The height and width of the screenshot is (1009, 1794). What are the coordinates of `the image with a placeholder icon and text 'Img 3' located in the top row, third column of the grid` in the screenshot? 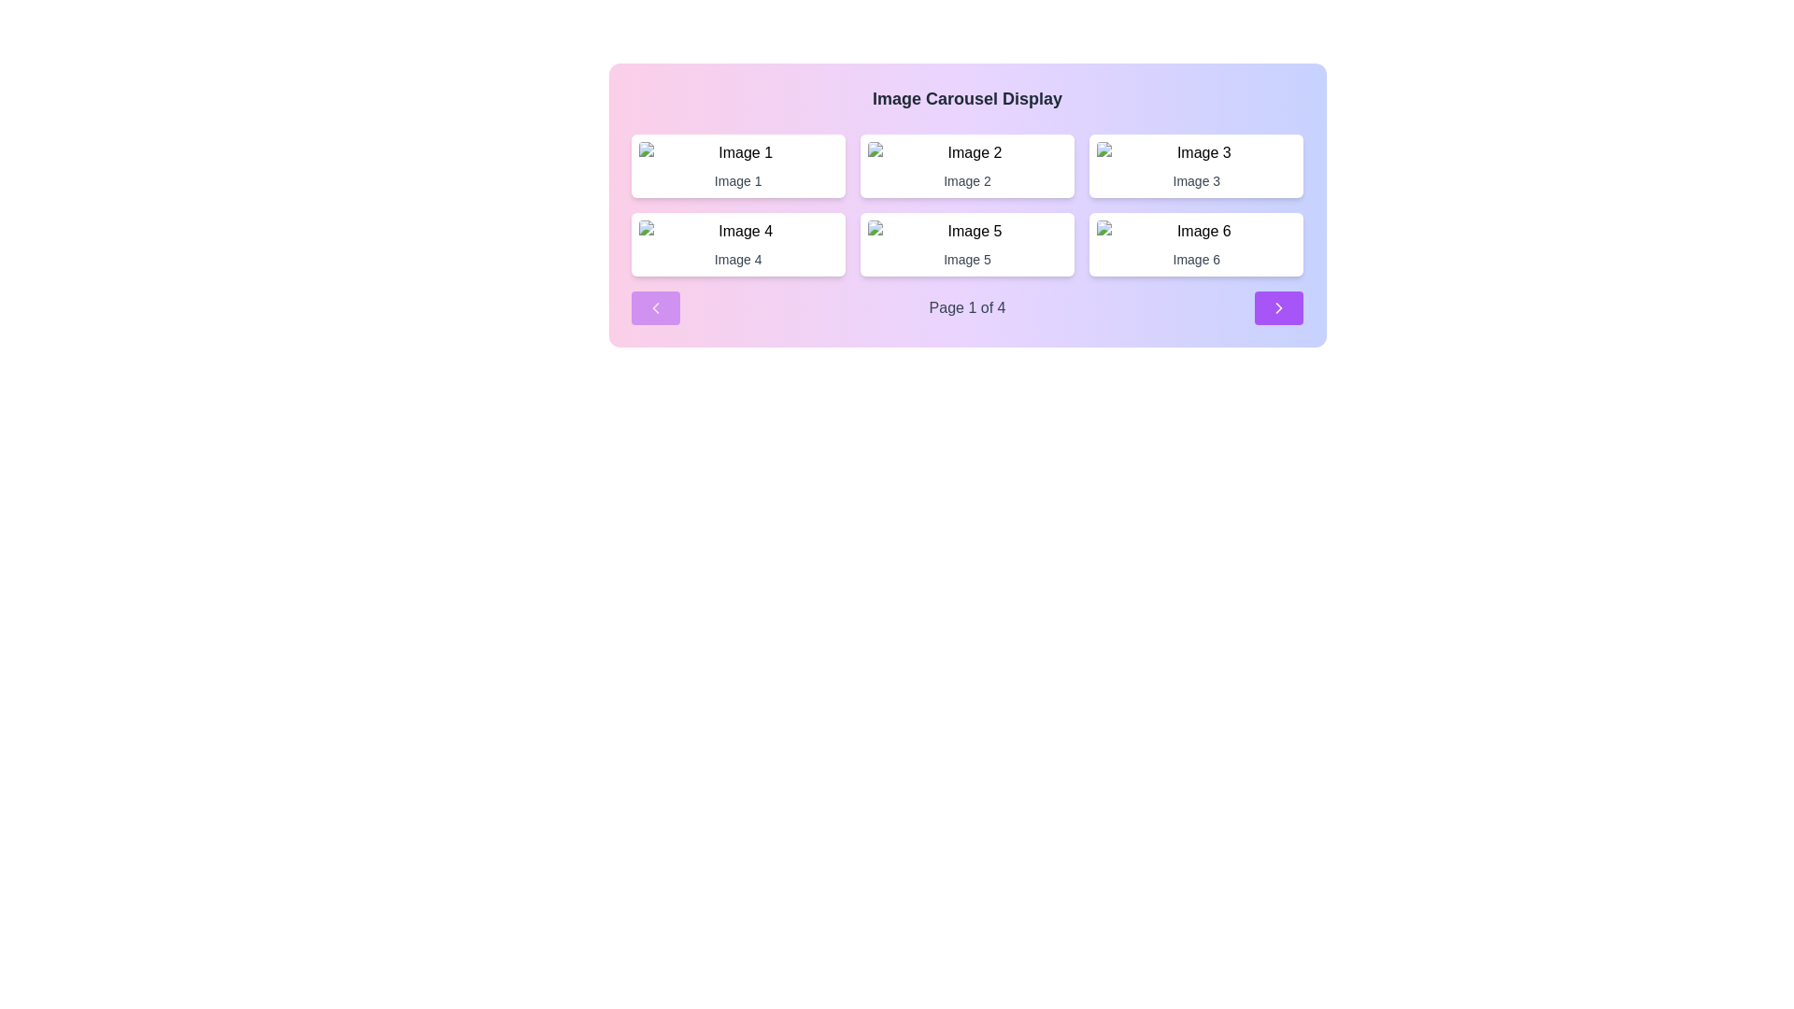 It's located at (1196, 152).